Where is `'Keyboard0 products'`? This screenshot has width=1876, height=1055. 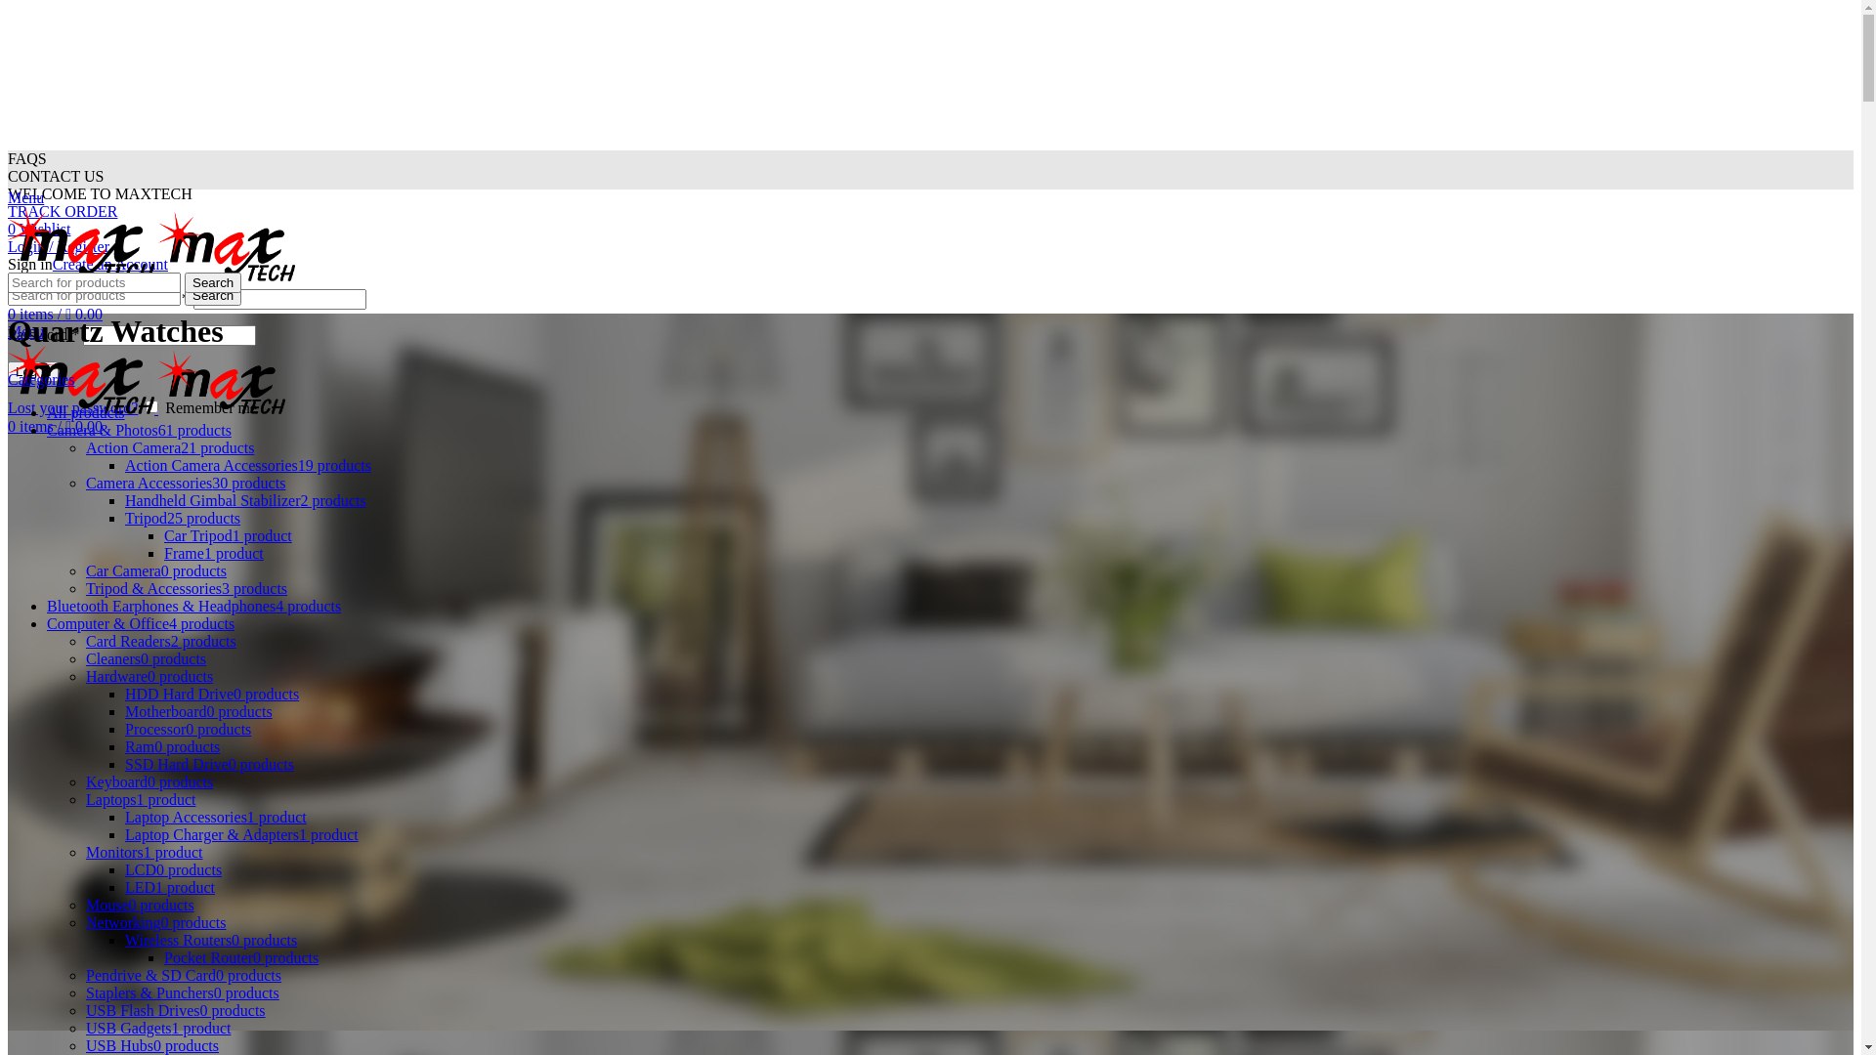 'Keyboard0 products' is located at coordinates (149, 781).